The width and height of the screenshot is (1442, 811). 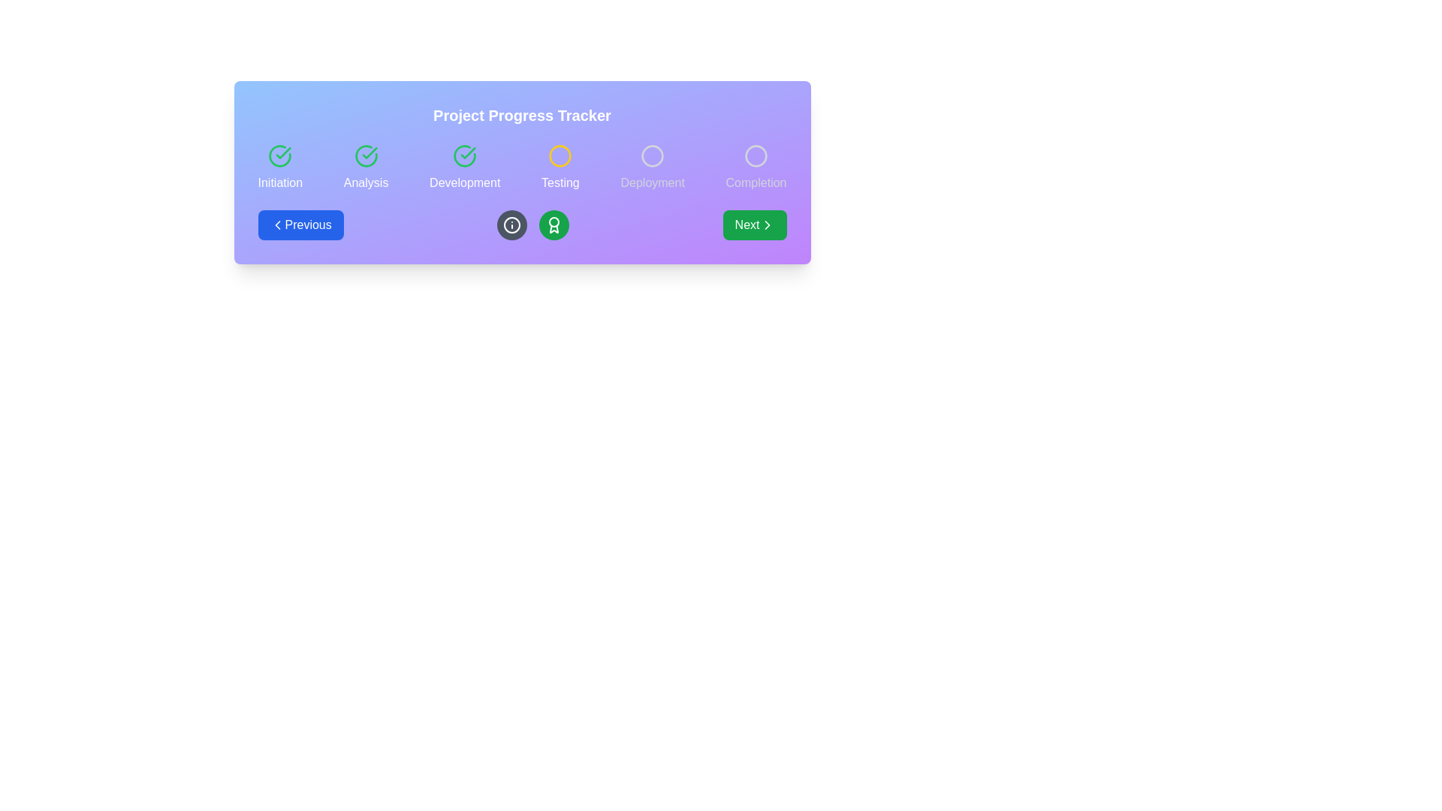 I want to click on the visual state of the 'Analysis' step in the project management progress tracker, which is indicated by a green check mark and is positioned between the 'Initiation' and 'Development' steps, so click(x=366, y=167).